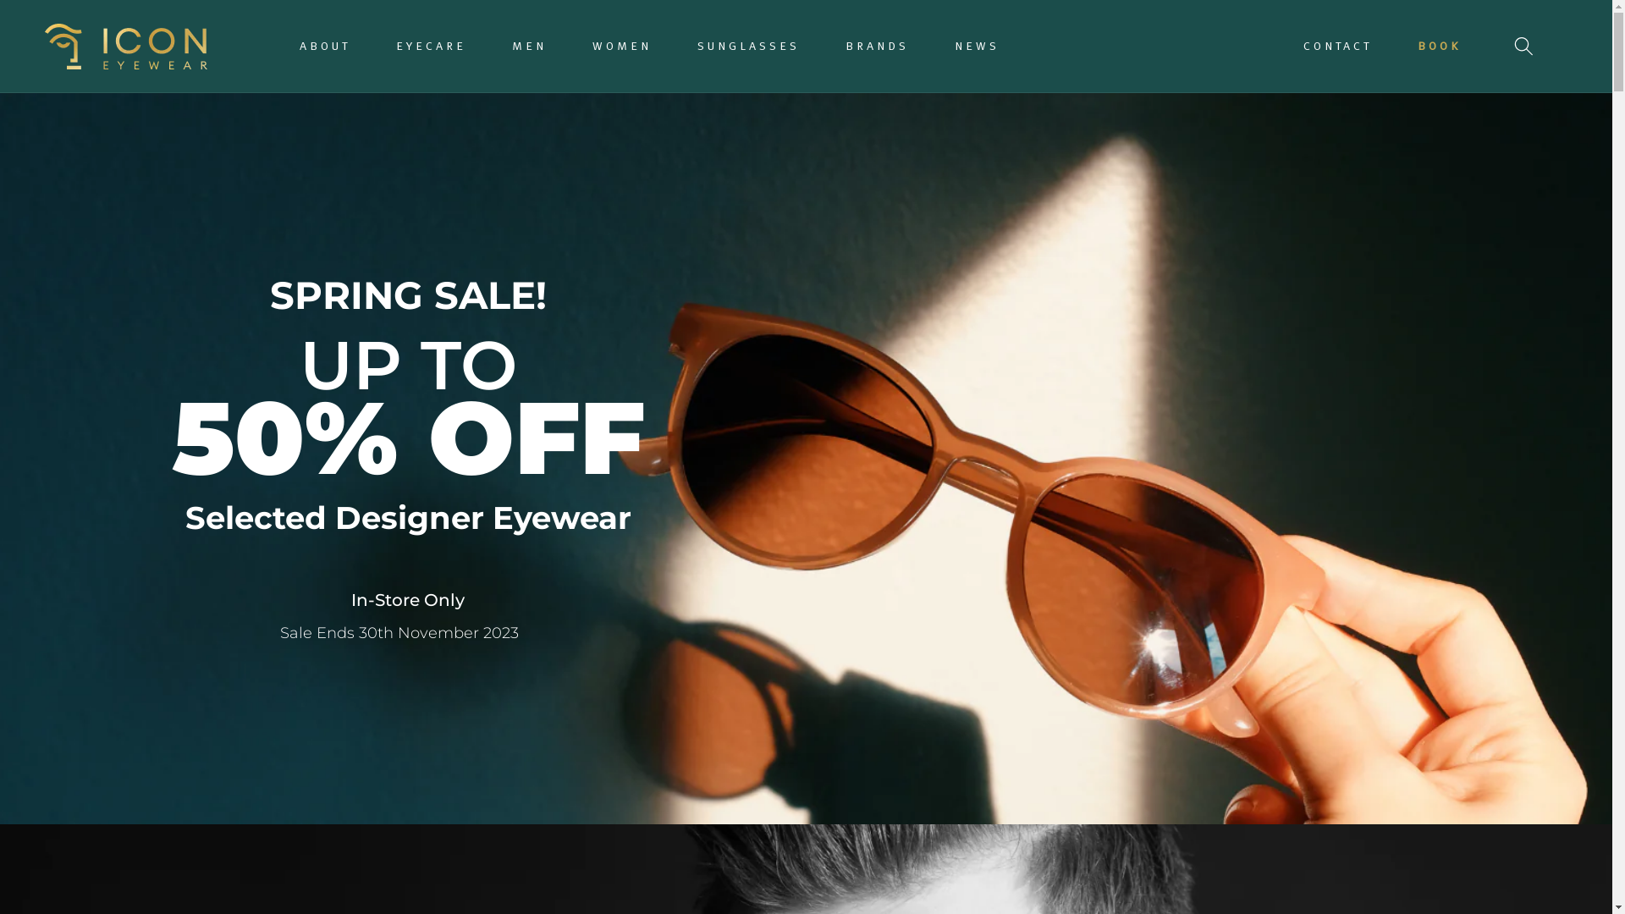 Image resolution: width=1625 pixels, height=914 pixels. I want to click on 'BRANDS', so click(877, 45).